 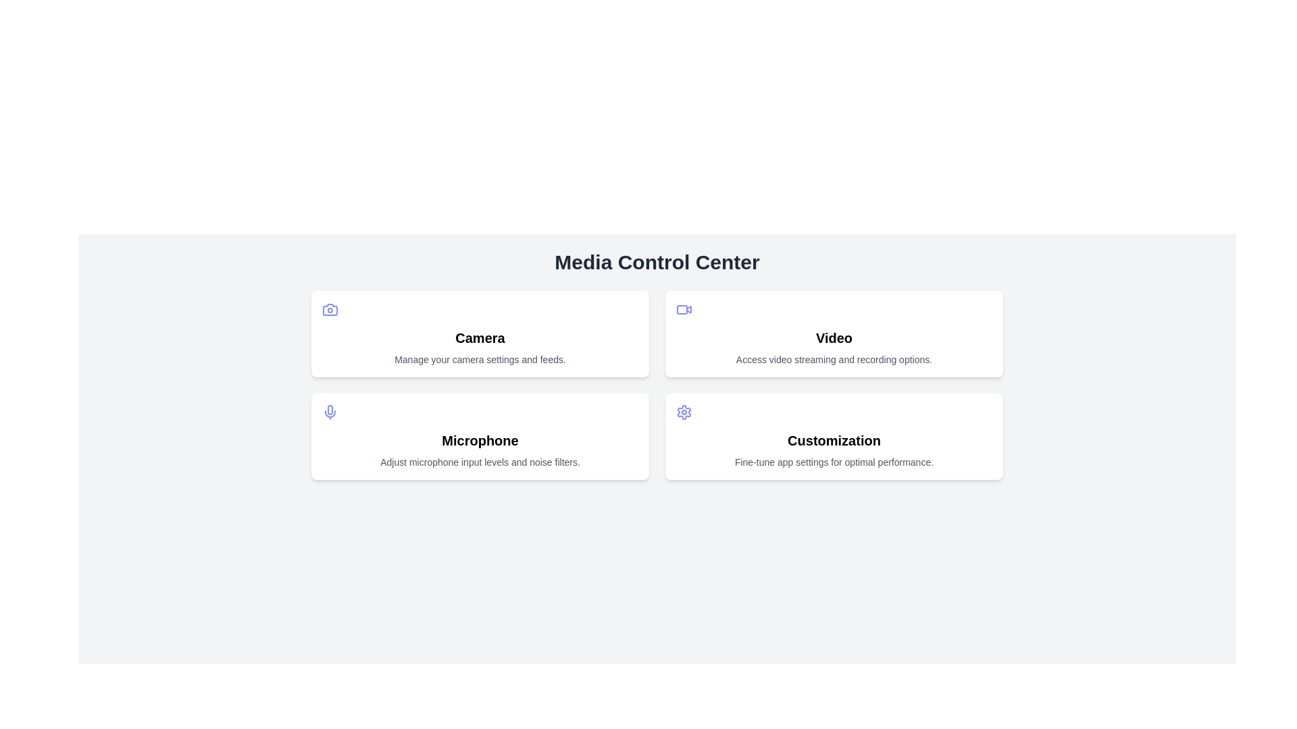 I want to click on text of the 'Camera' section title label, which is positioned at the upper-left section of the layout, between an icon and a descriptive text below it, so click(x=480, y=337).